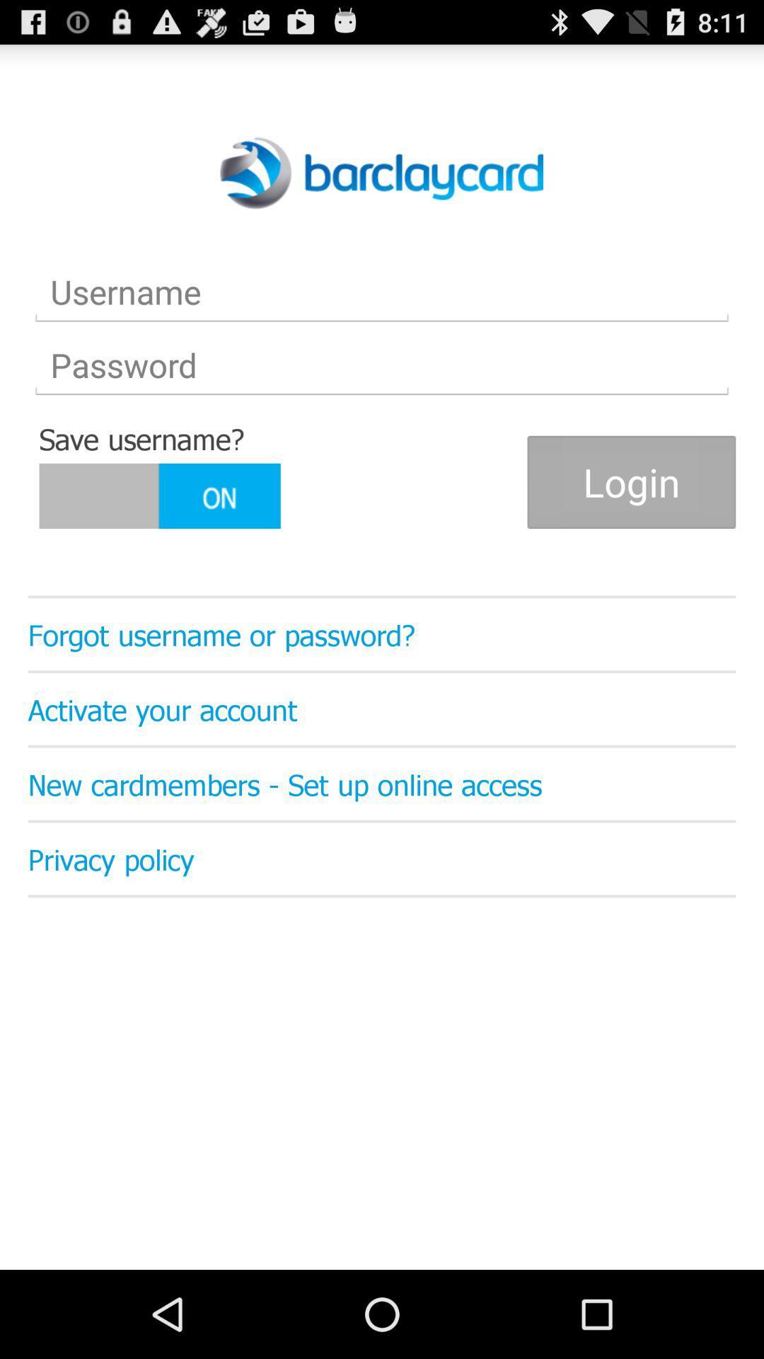  Describe the element at coordinates (382, 783) in the screenshot. I see `new cardmembers set icon` at that location.